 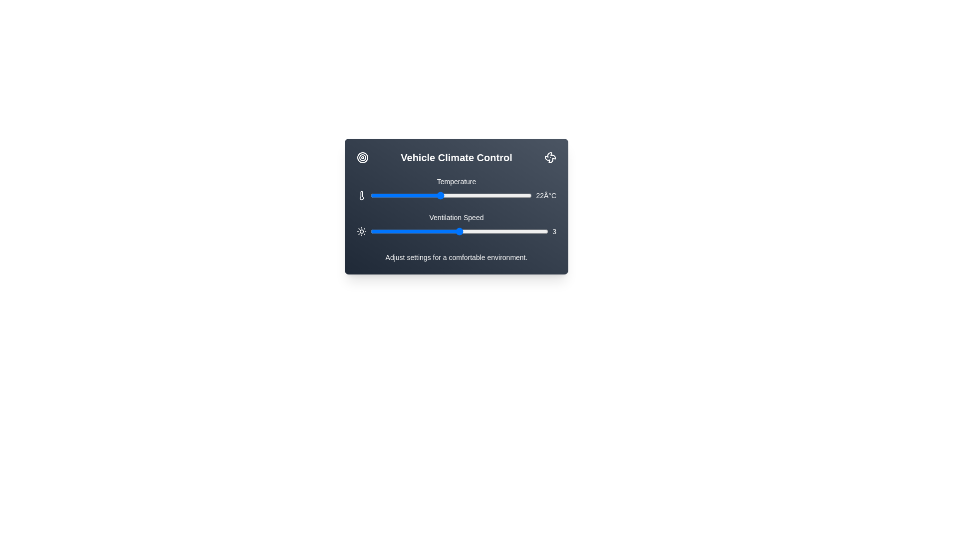 I want to click on the ventilation speed to 3 using the slider, so click(x=459, y=231).